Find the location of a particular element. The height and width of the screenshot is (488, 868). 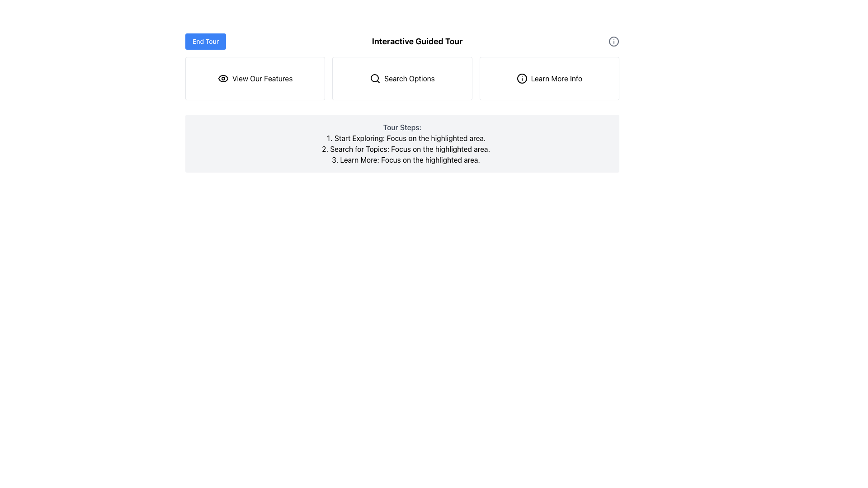

the text label that reads 'Start Exploring: Focus on the highlighted area.' is located at coordinates (405, 138).